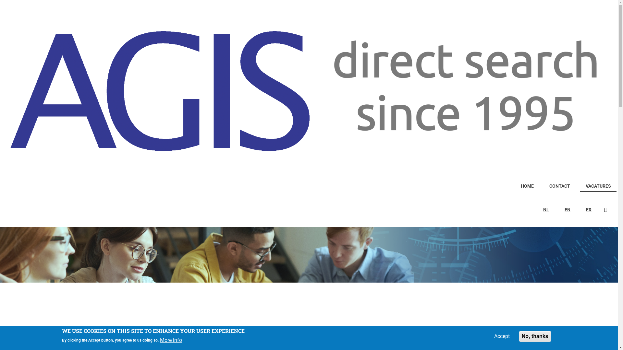 This screenshot has width=623, height=350. What do you see at coordinates (606, 211) in the screenshot?
I see `'Search'` at bounding box center [606, 211].